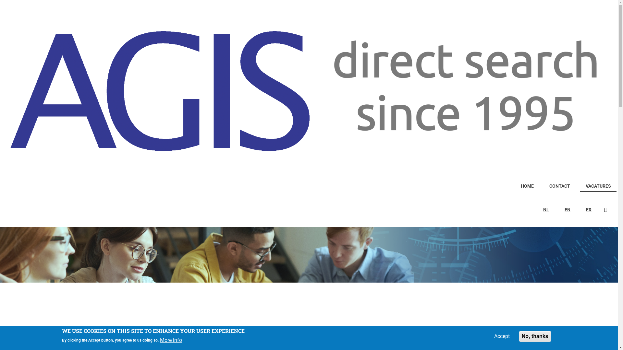 This screenshot has width=623, height=350. What do you see at coordinates (606, 211) in the screenshot?
I see `'Search'` at bounding box center [606, 211].